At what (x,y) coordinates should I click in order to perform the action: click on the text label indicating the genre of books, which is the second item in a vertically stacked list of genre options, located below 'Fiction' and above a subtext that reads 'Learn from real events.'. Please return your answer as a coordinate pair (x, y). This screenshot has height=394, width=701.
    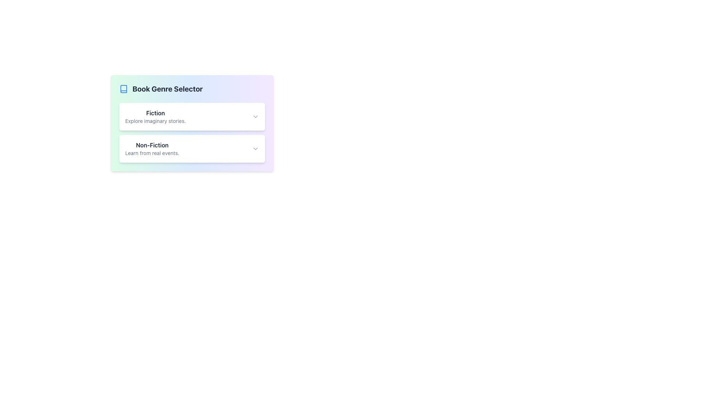
    Looking at the image, I should click on (152, 145).